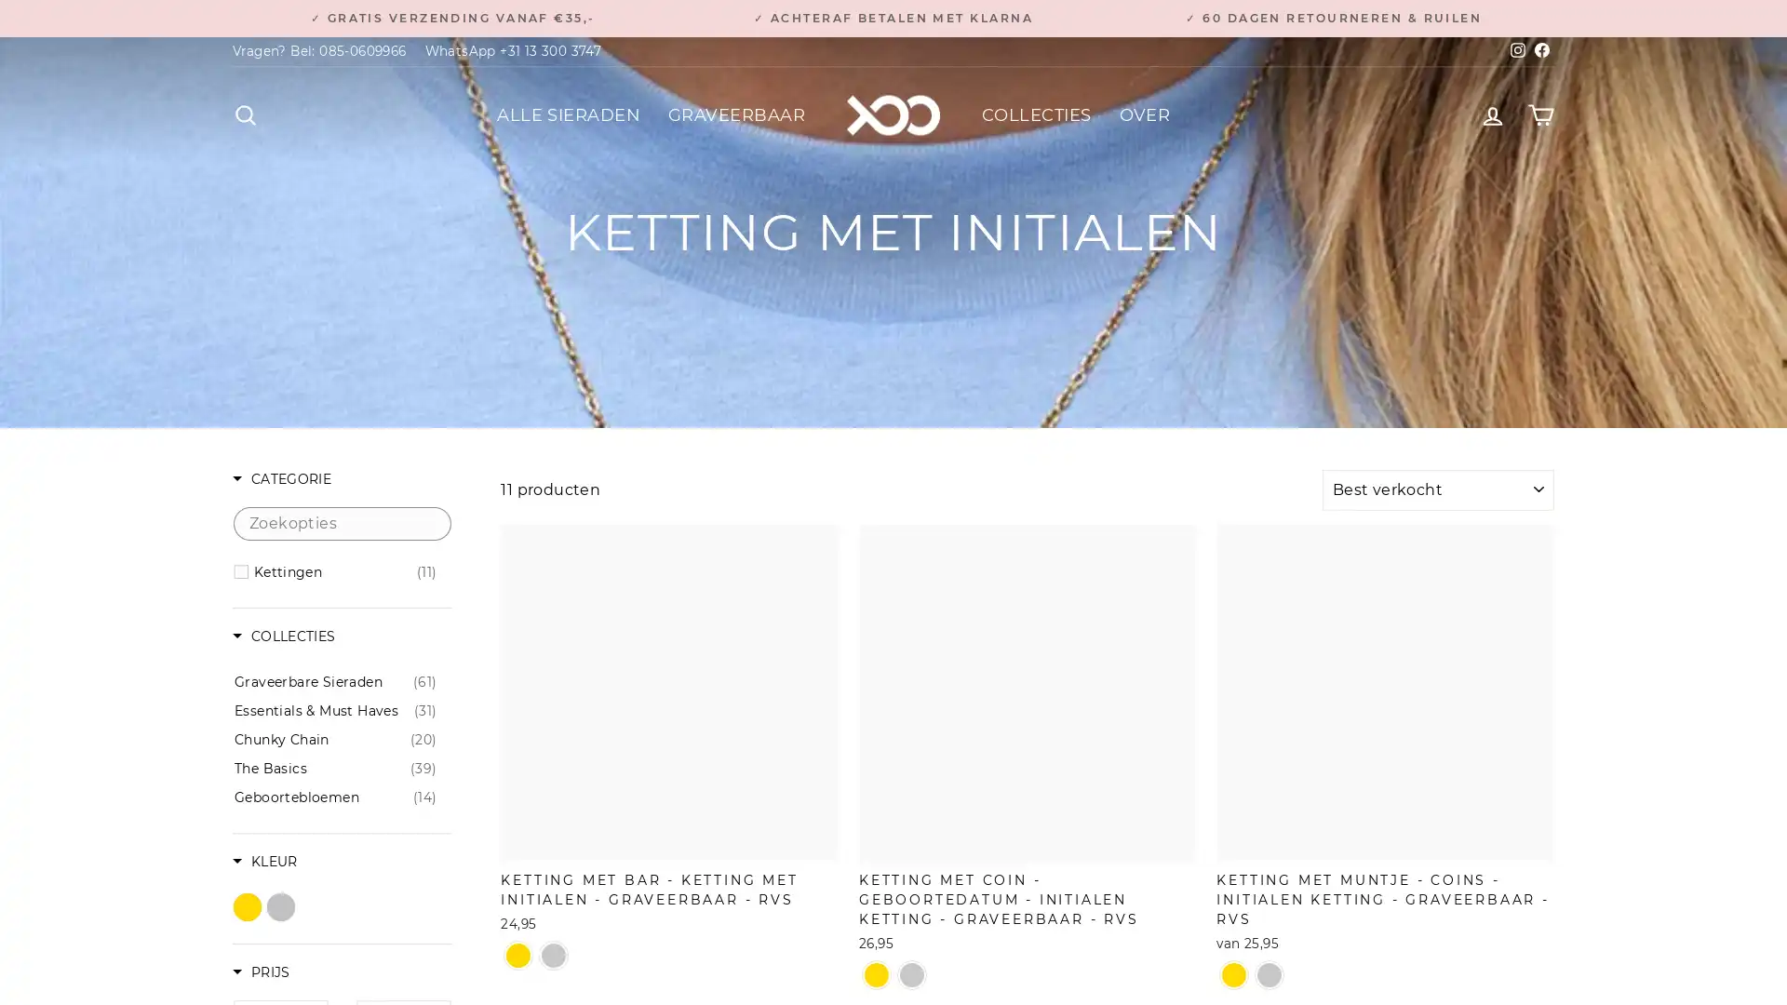  What do you see at coordinates (898, 10) in the screenshot?
I see `Pauzeer slideshow` at bounding box center [898, 10].